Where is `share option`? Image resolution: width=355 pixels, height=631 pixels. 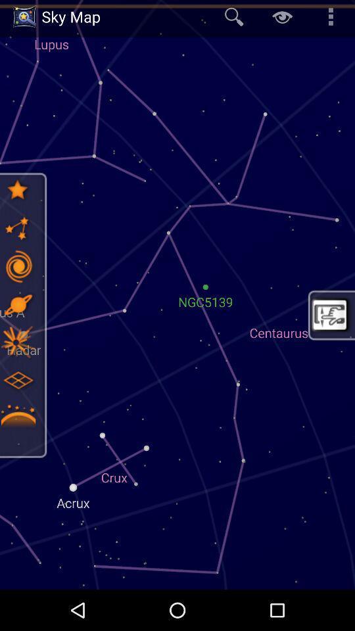
share option is located at coordinates (17, 228).